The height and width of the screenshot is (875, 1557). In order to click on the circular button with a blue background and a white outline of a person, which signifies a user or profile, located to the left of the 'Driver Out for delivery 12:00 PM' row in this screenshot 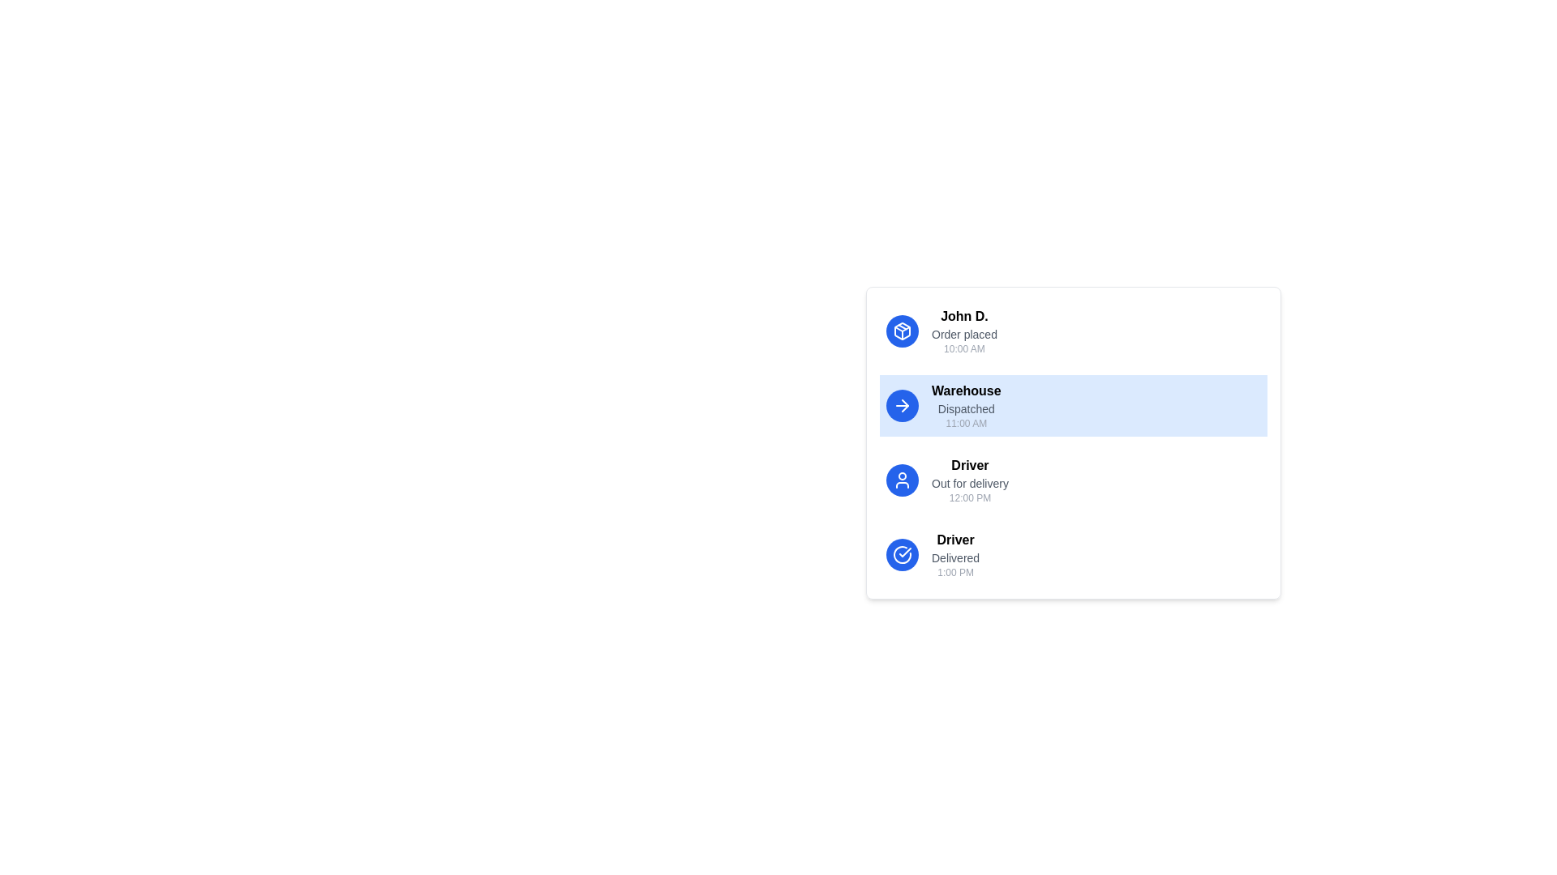, I will do `click(902, 480)`.